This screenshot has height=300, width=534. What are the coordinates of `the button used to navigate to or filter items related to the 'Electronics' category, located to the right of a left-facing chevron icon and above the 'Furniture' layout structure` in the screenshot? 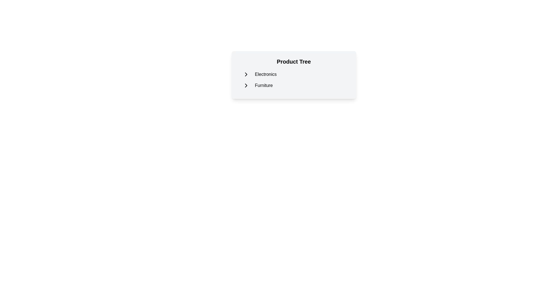 It's located at (265, 74).